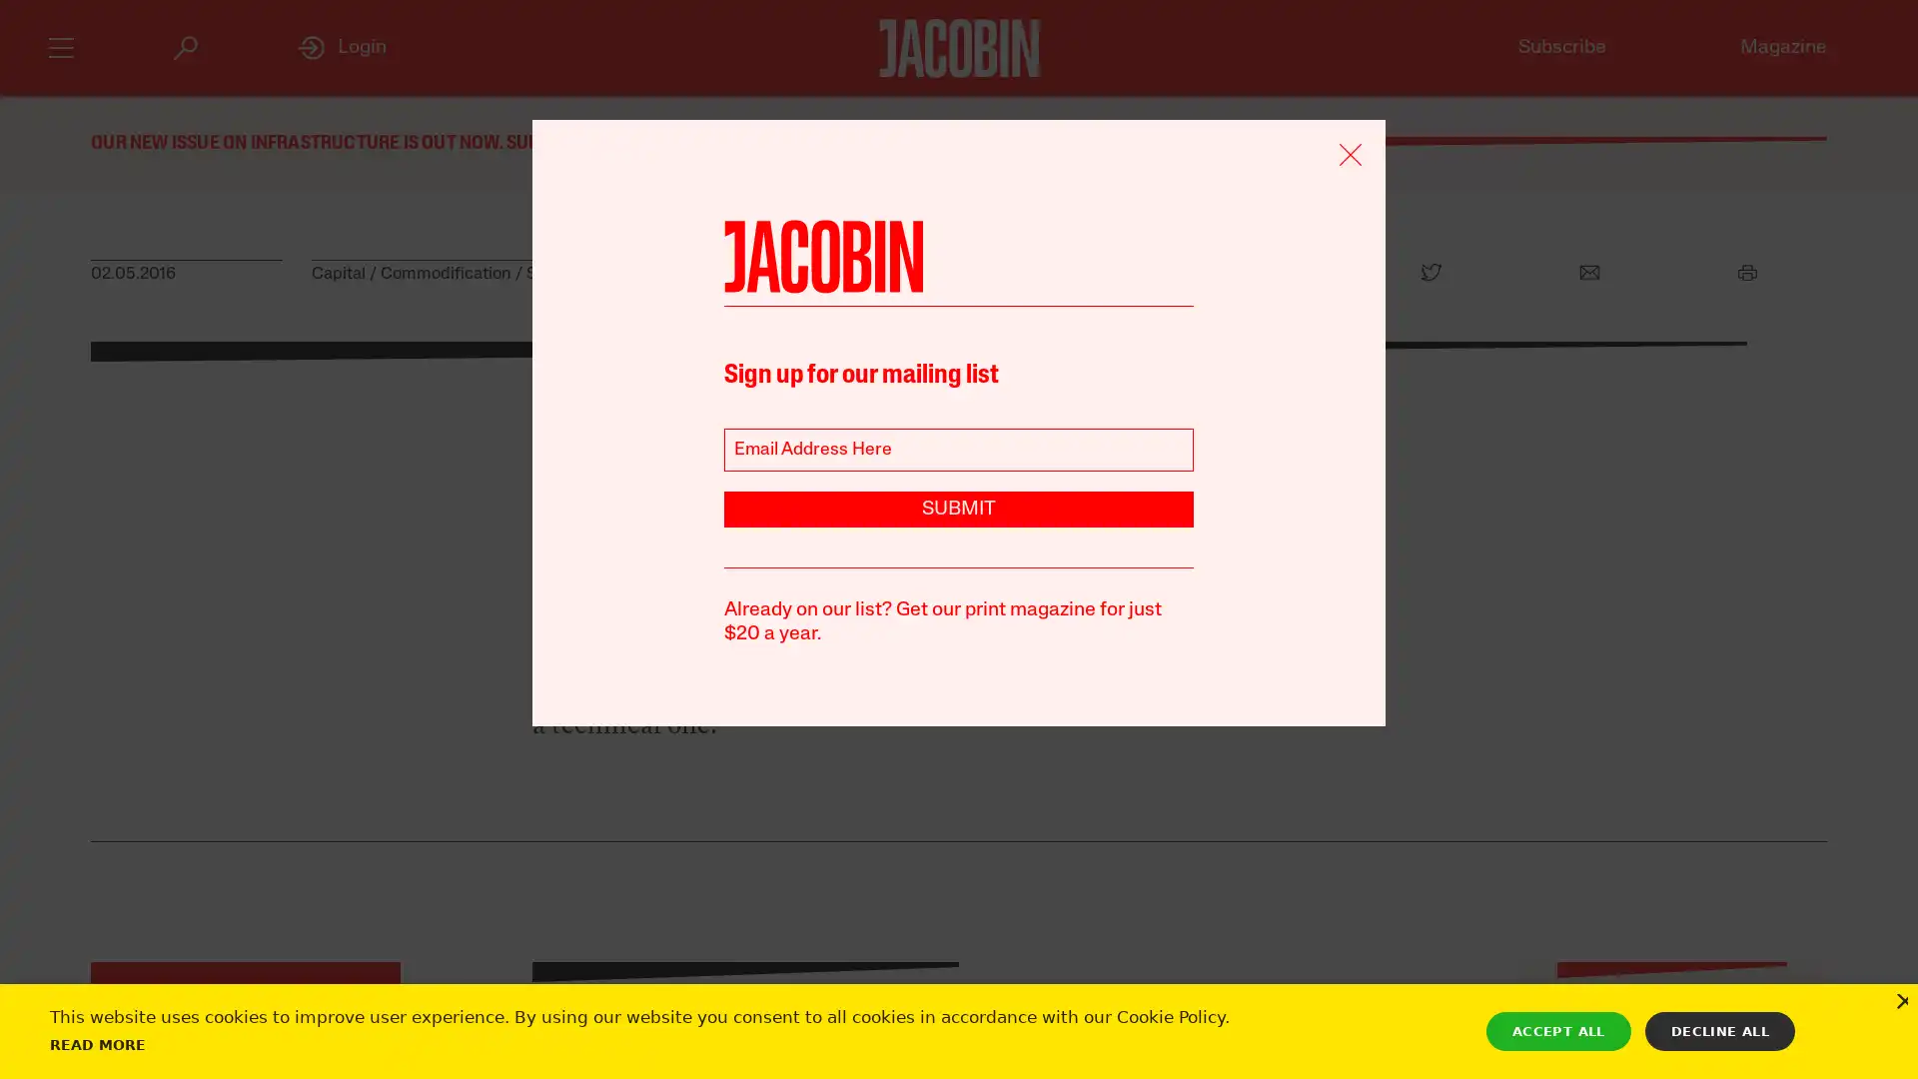 This screenshot has height=1079, width=1918. What do you see at coordinates (1746, 272) in the screenshot?
I see `Print Icon` at bounding box center [1746, 272].